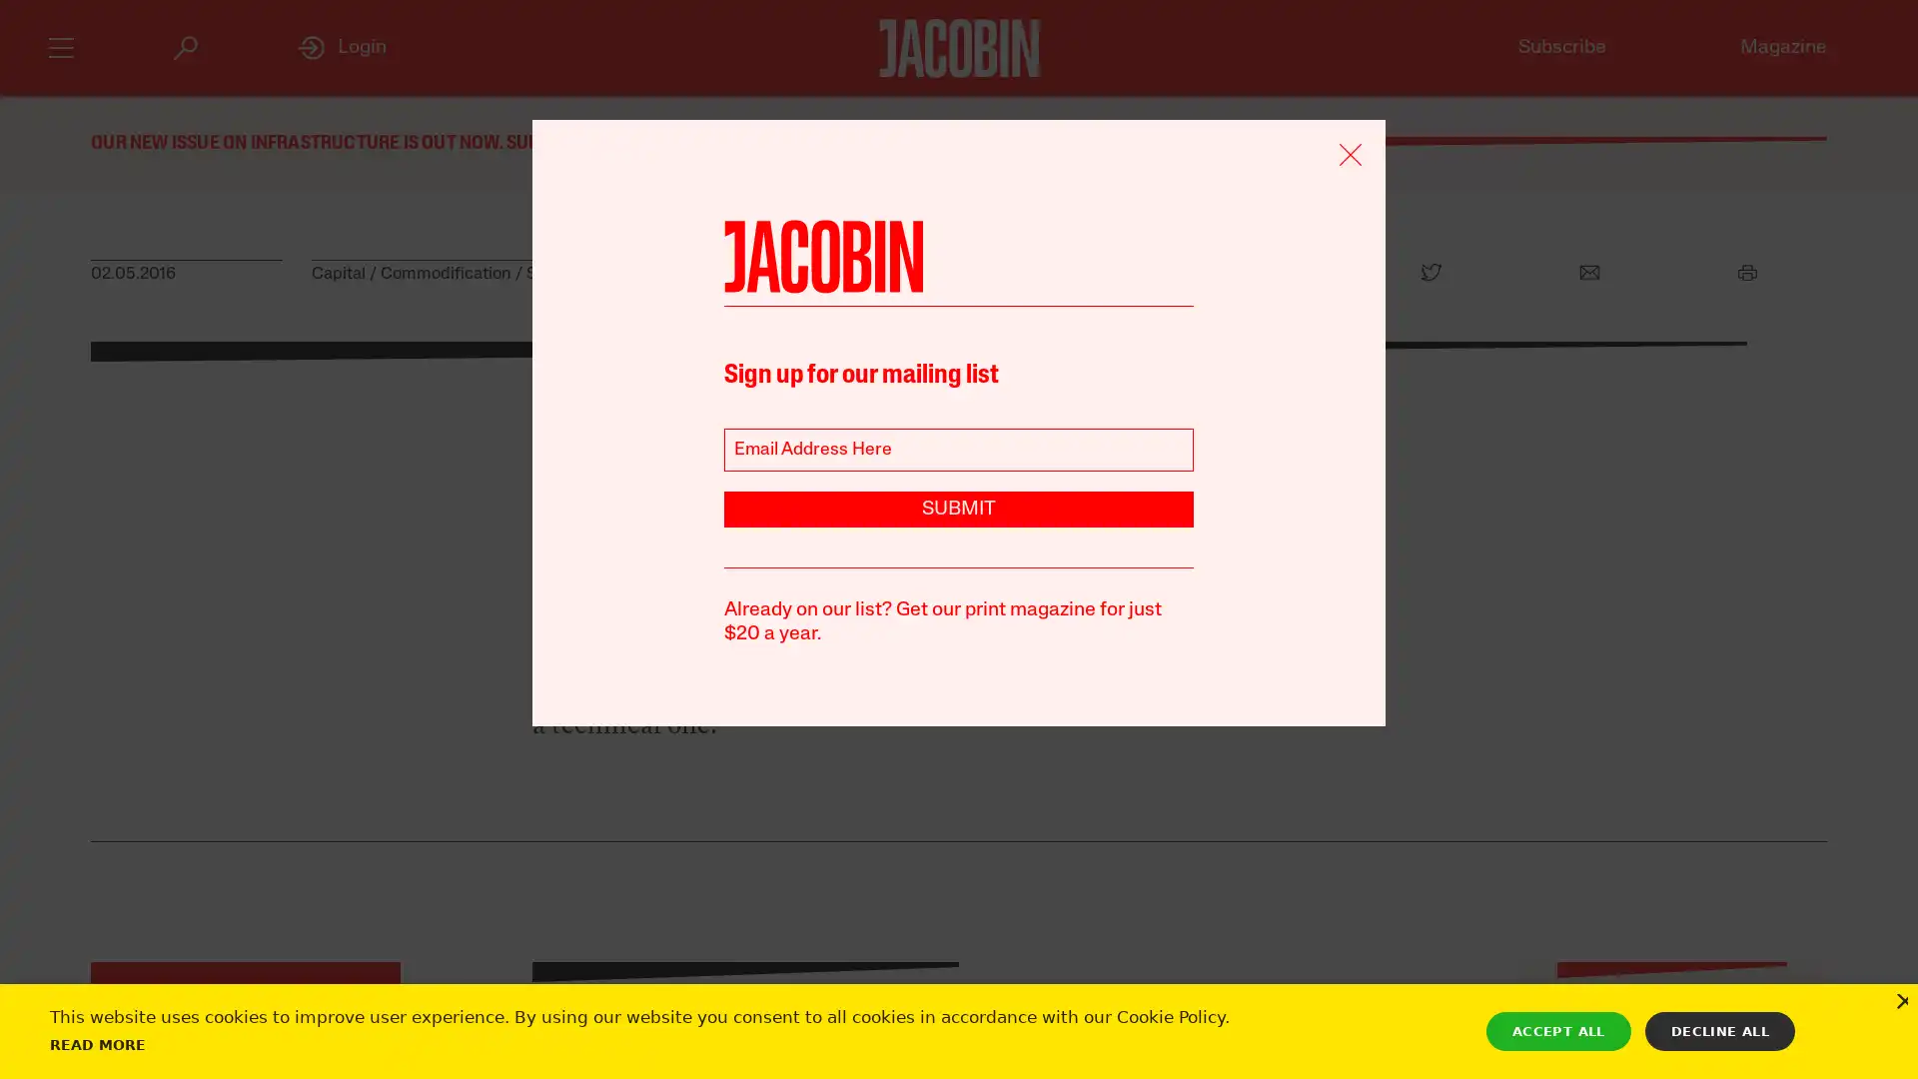 This screenshot has height=1079, width=1918. What do you see at coordinates (1746, 272) in the screenshot?
I see `Print Icon` at bounding box center [1746, 272].